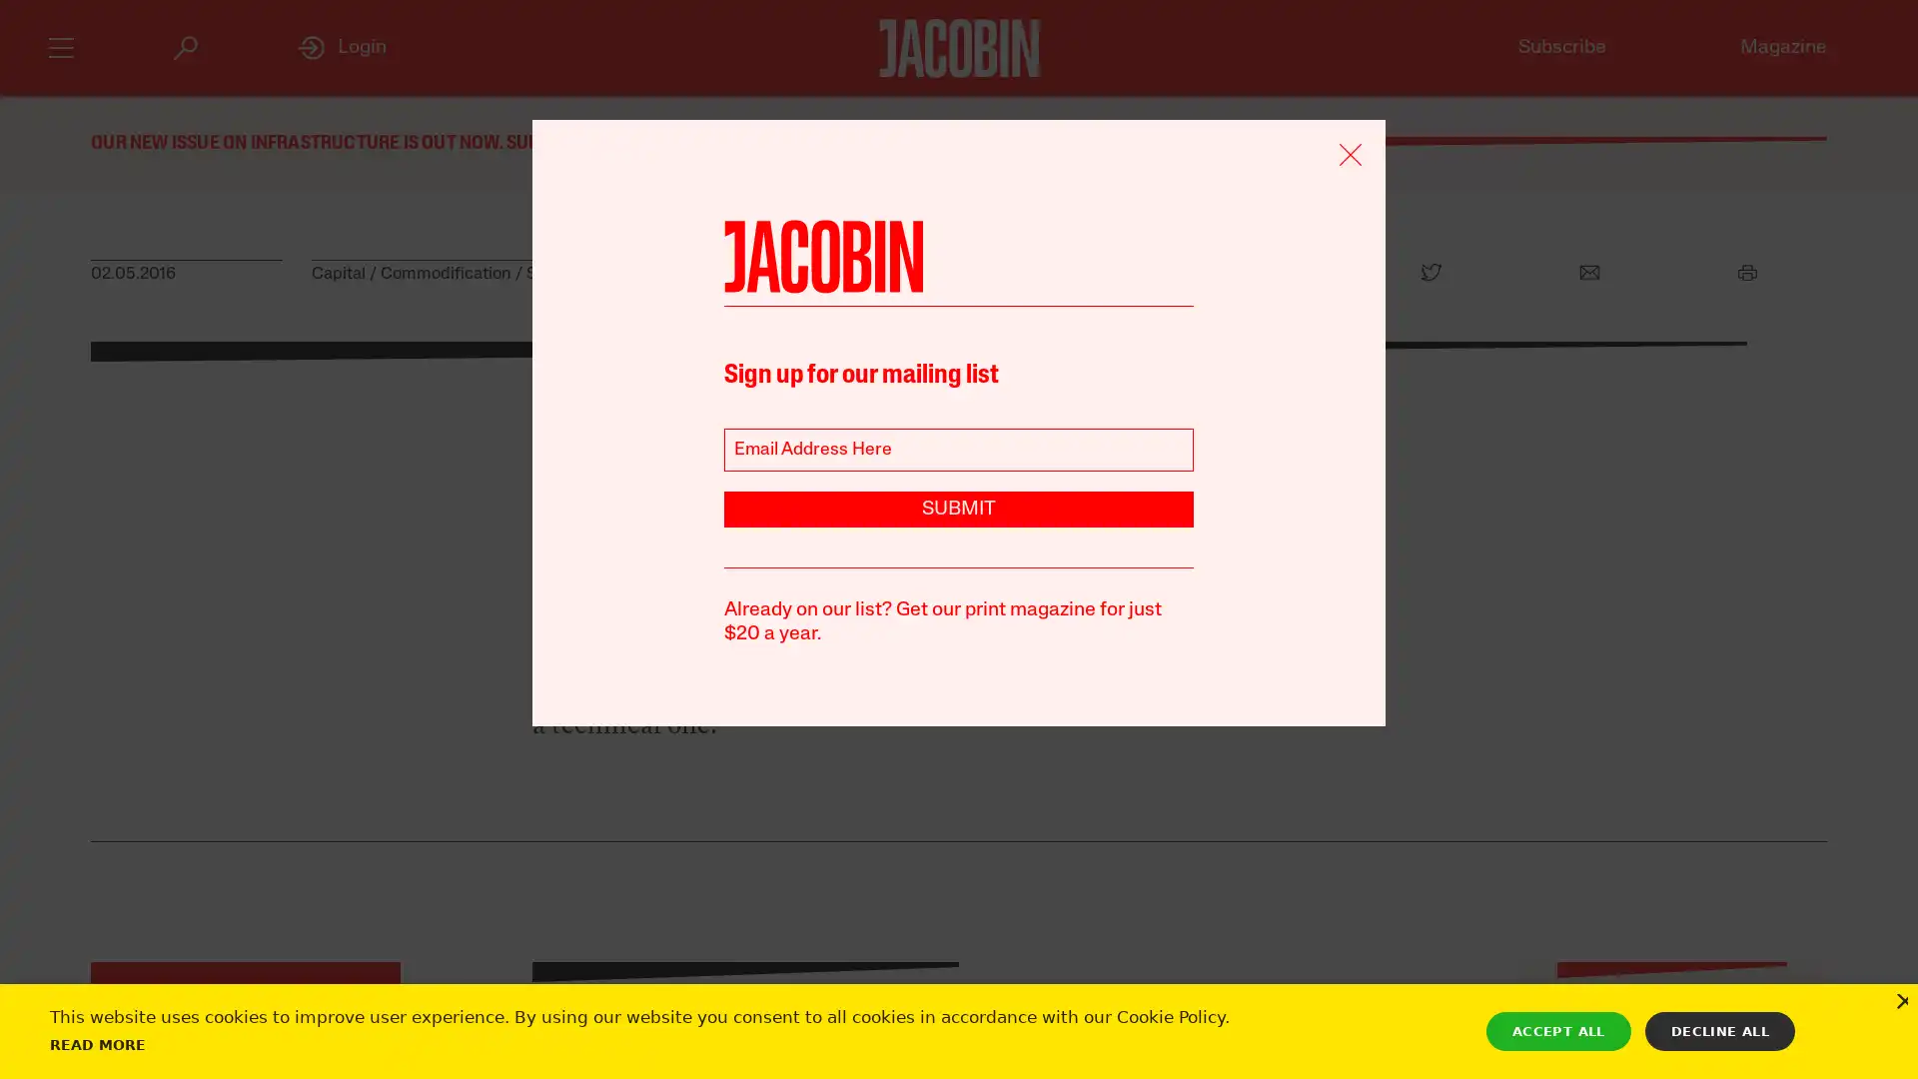 This screenshot has height=1079, width=1918. What do you see at coordinates (1746, 272) in the screenshot?
I see `Print Icon` at bounding box center [1746, 272].